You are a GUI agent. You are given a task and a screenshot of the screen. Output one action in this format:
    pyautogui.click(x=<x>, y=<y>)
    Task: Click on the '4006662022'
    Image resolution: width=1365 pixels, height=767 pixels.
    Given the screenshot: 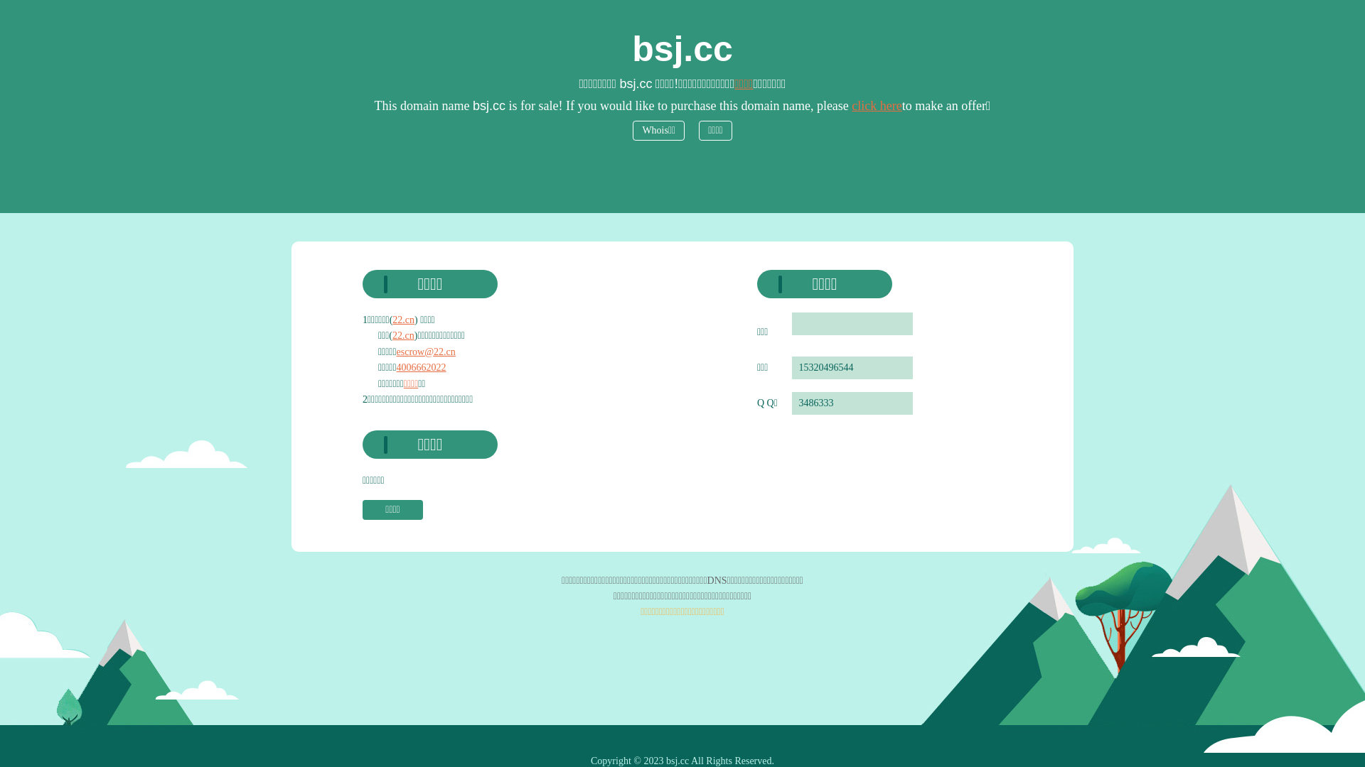 What is the action you would take?
    pyautogui.click(x=421, y=366)
    